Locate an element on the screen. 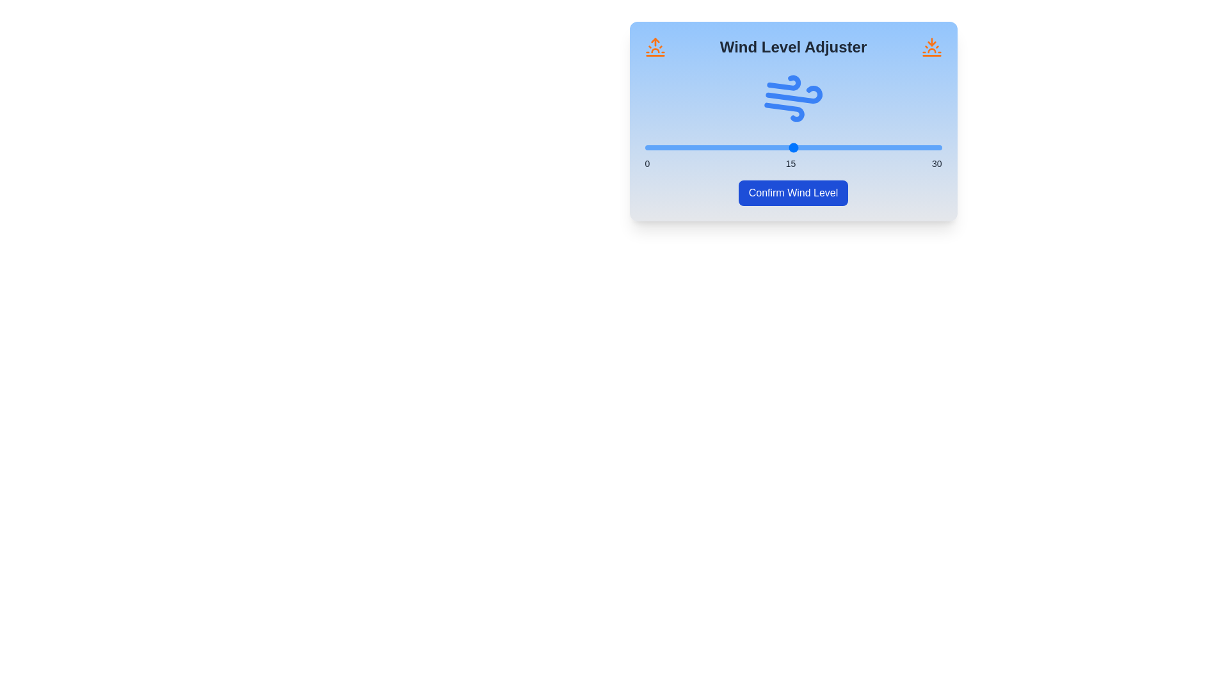  the wind level to 20 by moving the slider is located at coordinates (842, 147).